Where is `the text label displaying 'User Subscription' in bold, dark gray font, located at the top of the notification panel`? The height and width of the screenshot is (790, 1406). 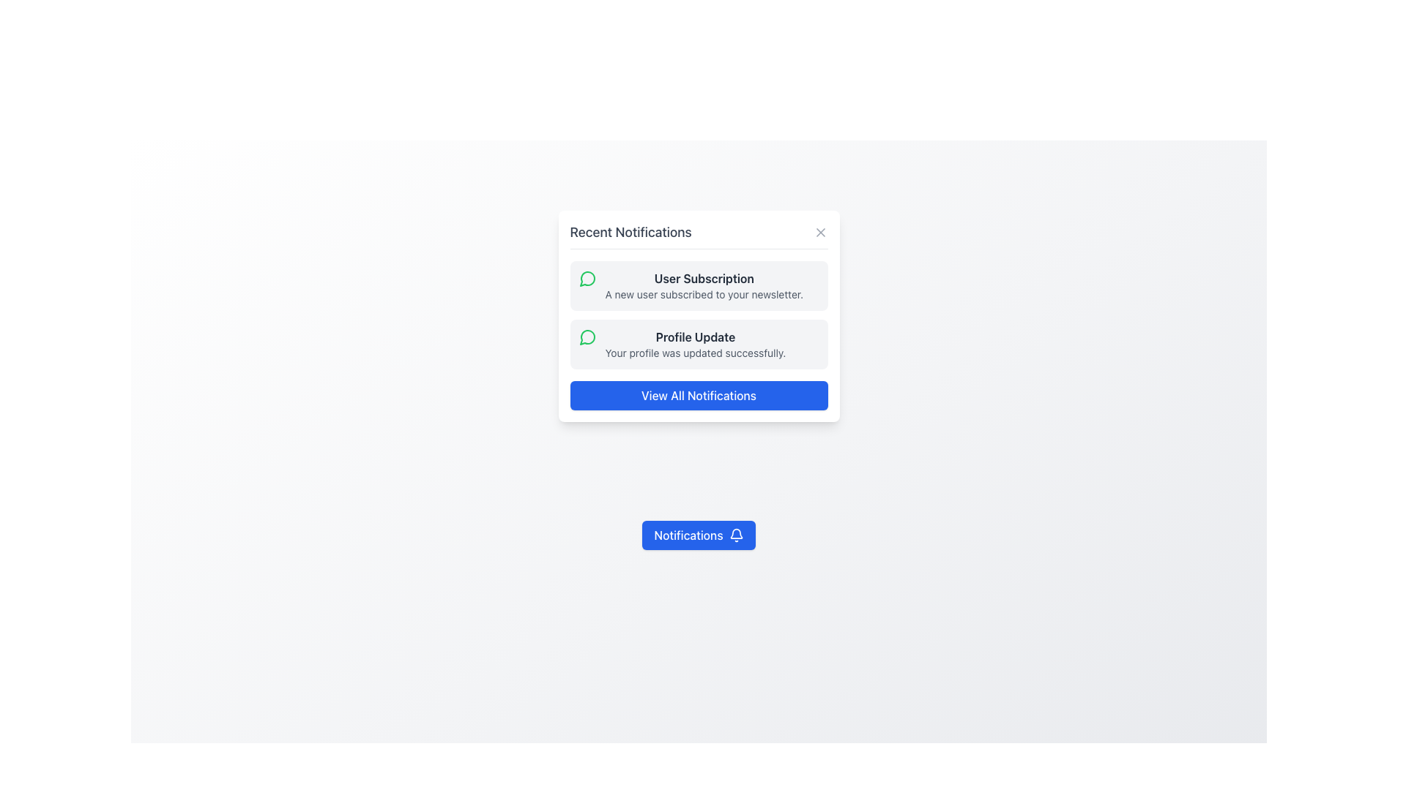 the text label displaying 'User Subscription' in bold, dark gray font, located at the top of the notification panel is located at coordinates (704, 279).